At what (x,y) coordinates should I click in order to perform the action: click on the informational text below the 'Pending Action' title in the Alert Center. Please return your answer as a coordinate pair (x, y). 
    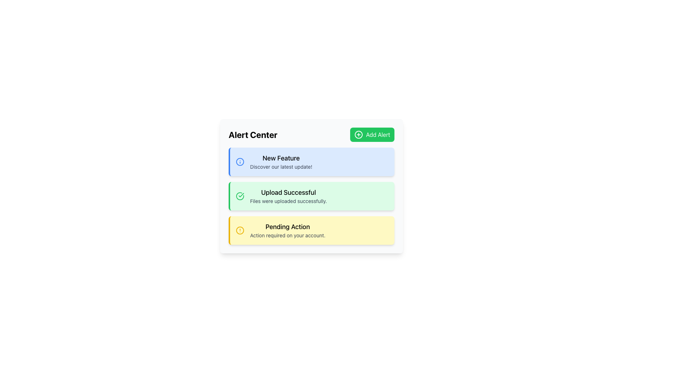
    Looking at the image, I should click on (288, 236).